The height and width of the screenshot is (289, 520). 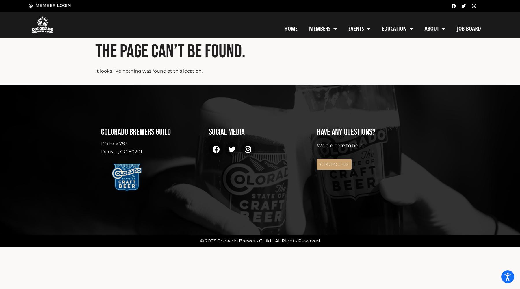 What do you see at coordinates (114, 143) in the screenshot?
I see `'PO Box 783'` at bounding box center [114, 143].